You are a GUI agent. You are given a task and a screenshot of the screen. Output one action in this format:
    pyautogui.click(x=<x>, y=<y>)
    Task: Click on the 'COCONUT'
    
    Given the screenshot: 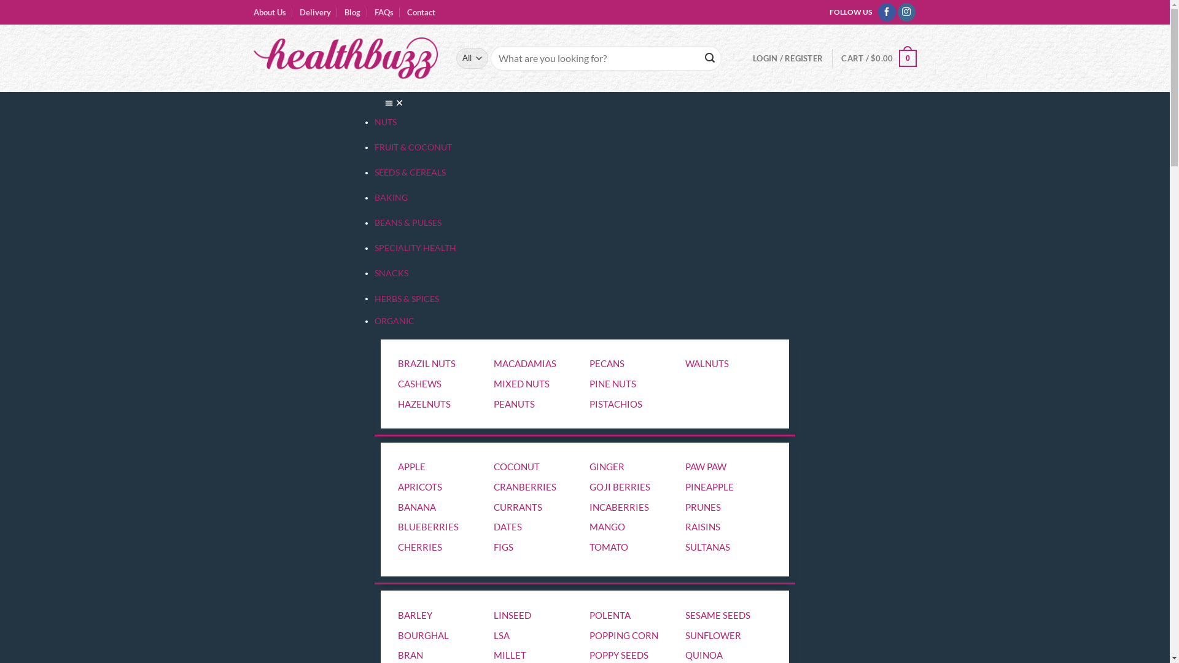 What is the action you would take?
    pyautogui.click(x=516, y=466)
    